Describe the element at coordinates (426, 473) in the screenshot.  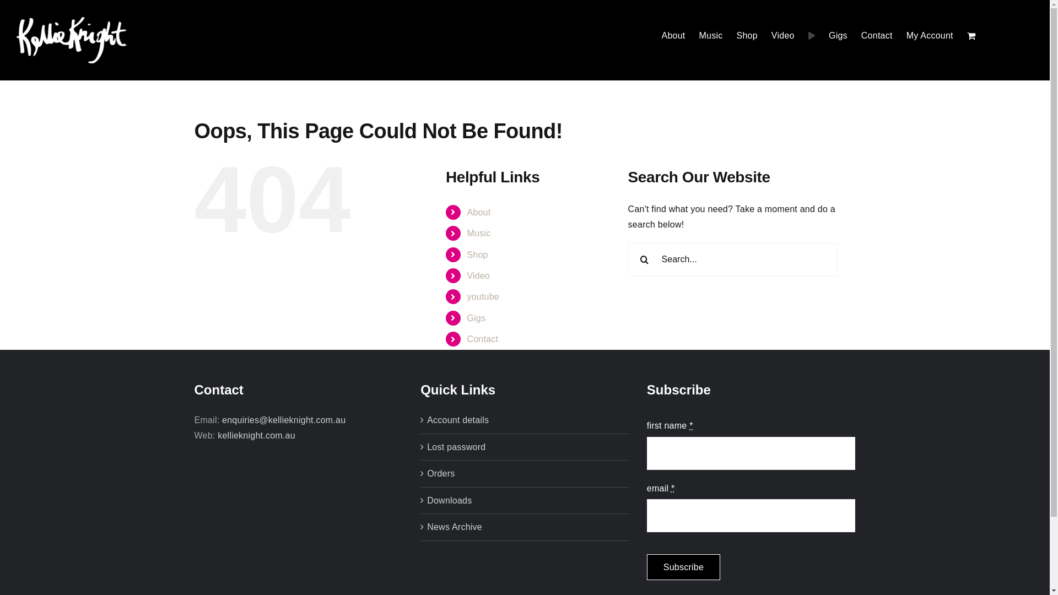
I see `'Orders'` at that location.